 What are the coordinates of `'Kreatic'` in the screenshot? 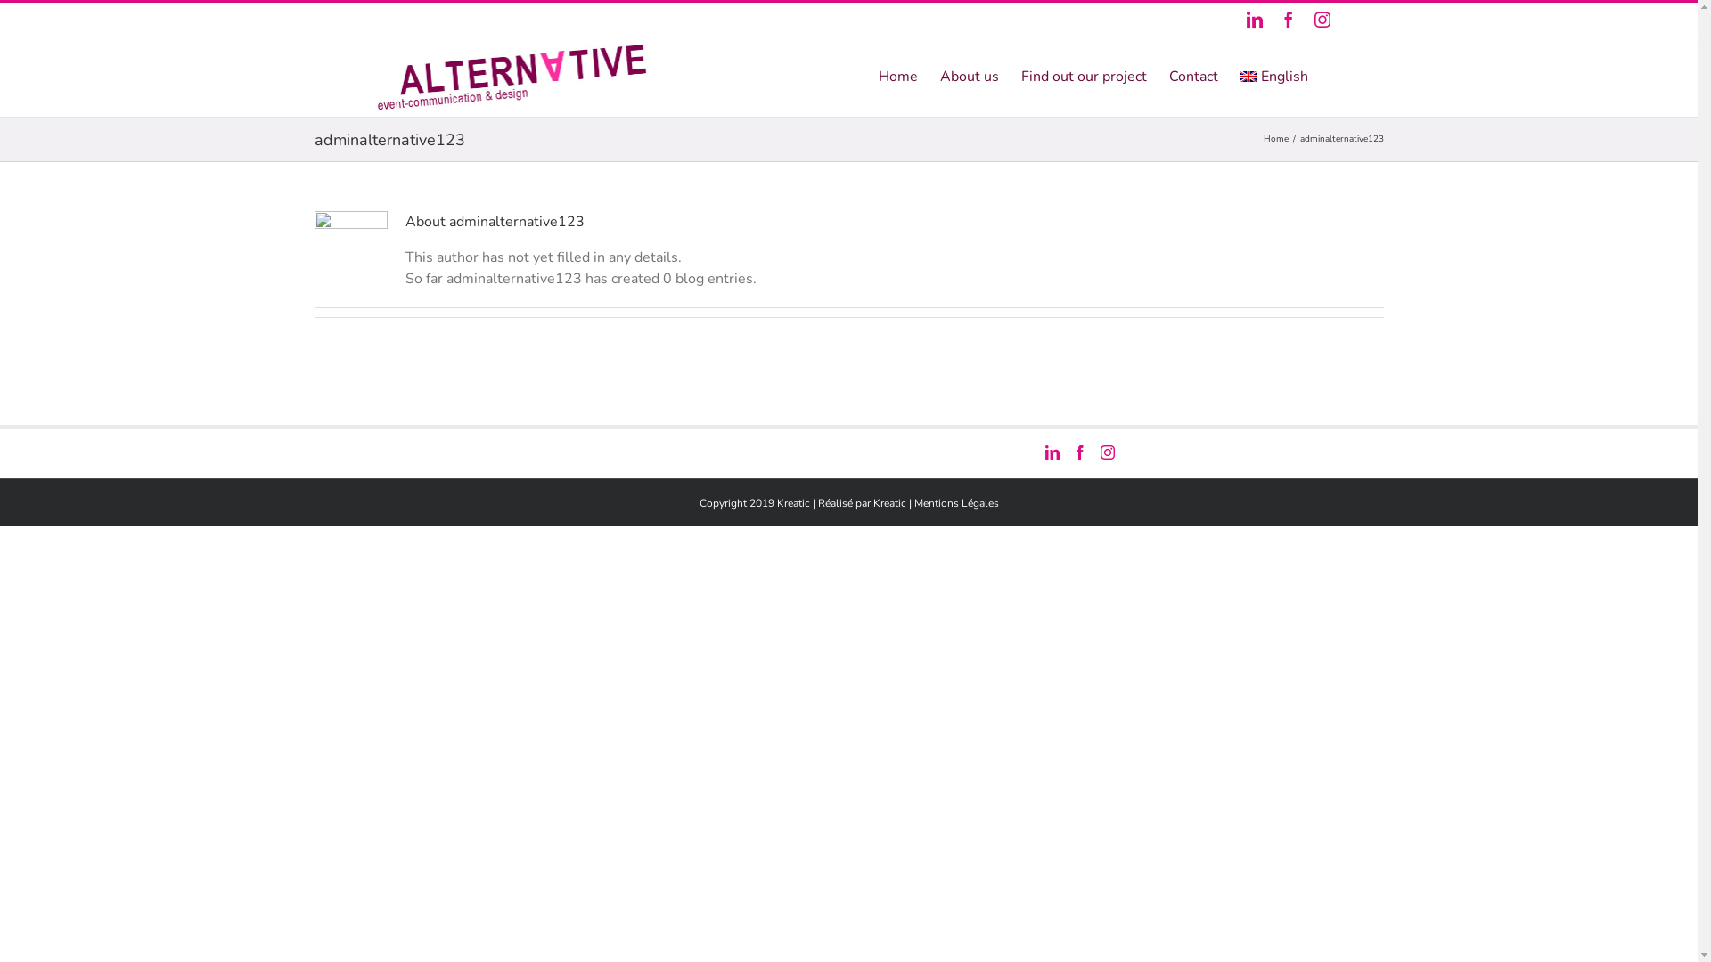 It's located at (889, 501).